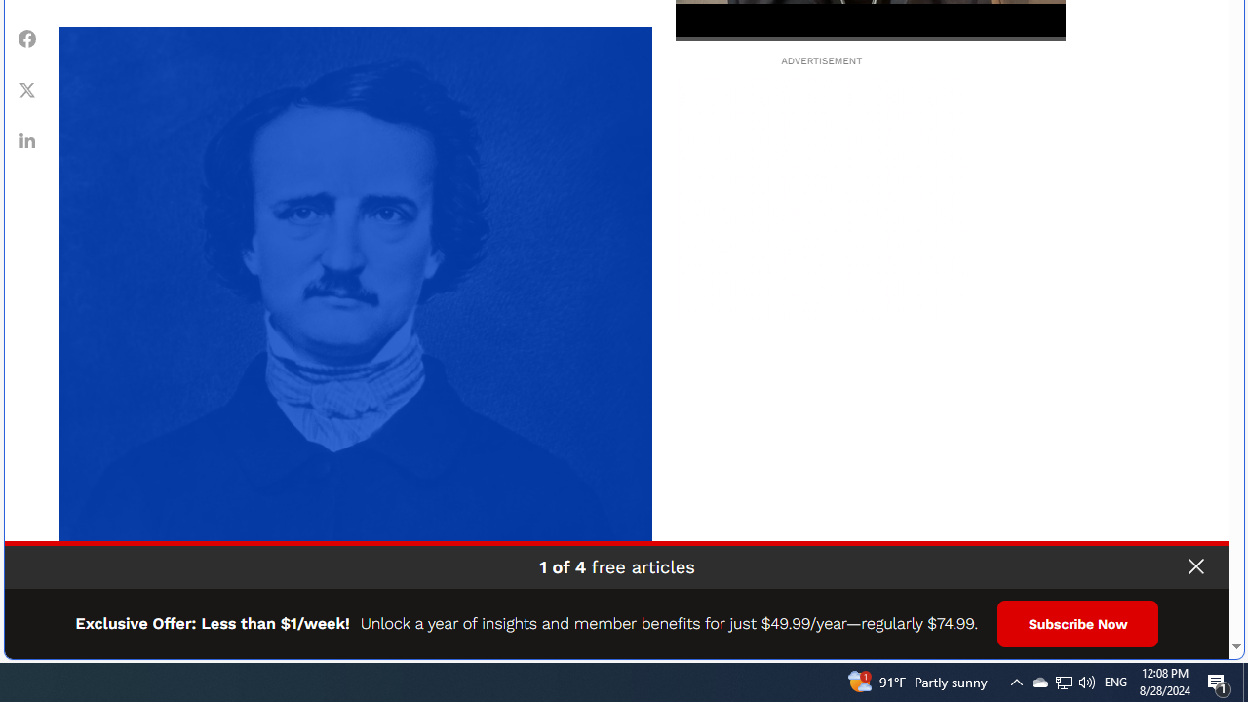 This screenshot has height=702, width=1248. I want to click on 'Class: fs-icon fs-icon--Facebook', so click(27, 38).